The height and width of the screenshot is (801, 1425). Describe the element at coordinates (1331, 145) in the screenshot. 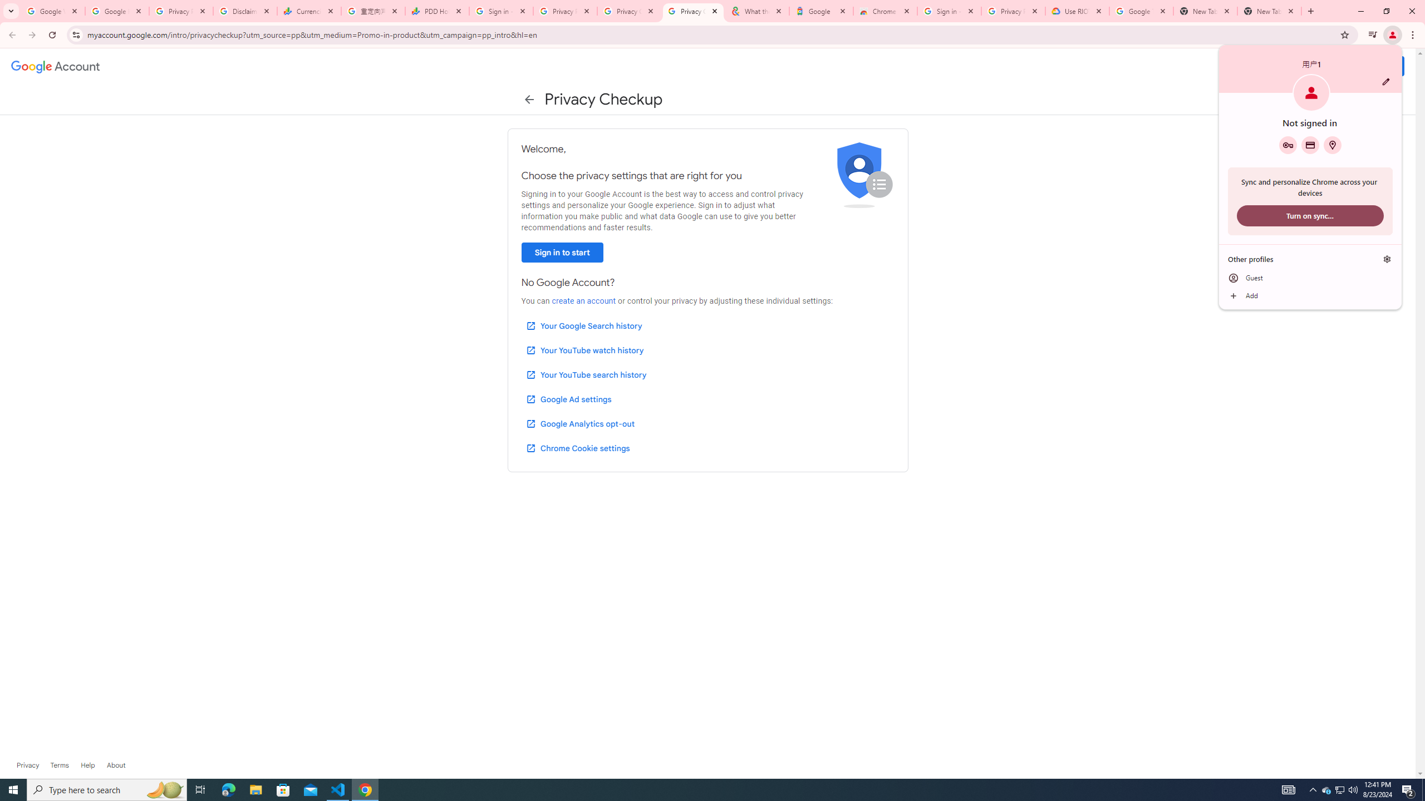

I see `'Addresses and more'` at that location.